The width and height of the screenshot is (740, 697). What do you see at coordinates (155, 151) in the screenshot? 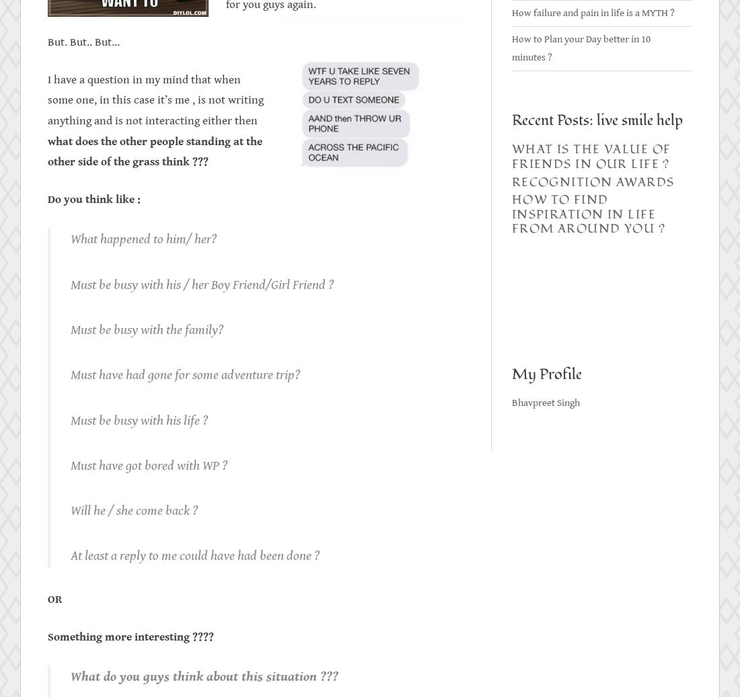
I see `'what does the other people standing at the other side of the grass think ???'` at bounding box center [155, 151].